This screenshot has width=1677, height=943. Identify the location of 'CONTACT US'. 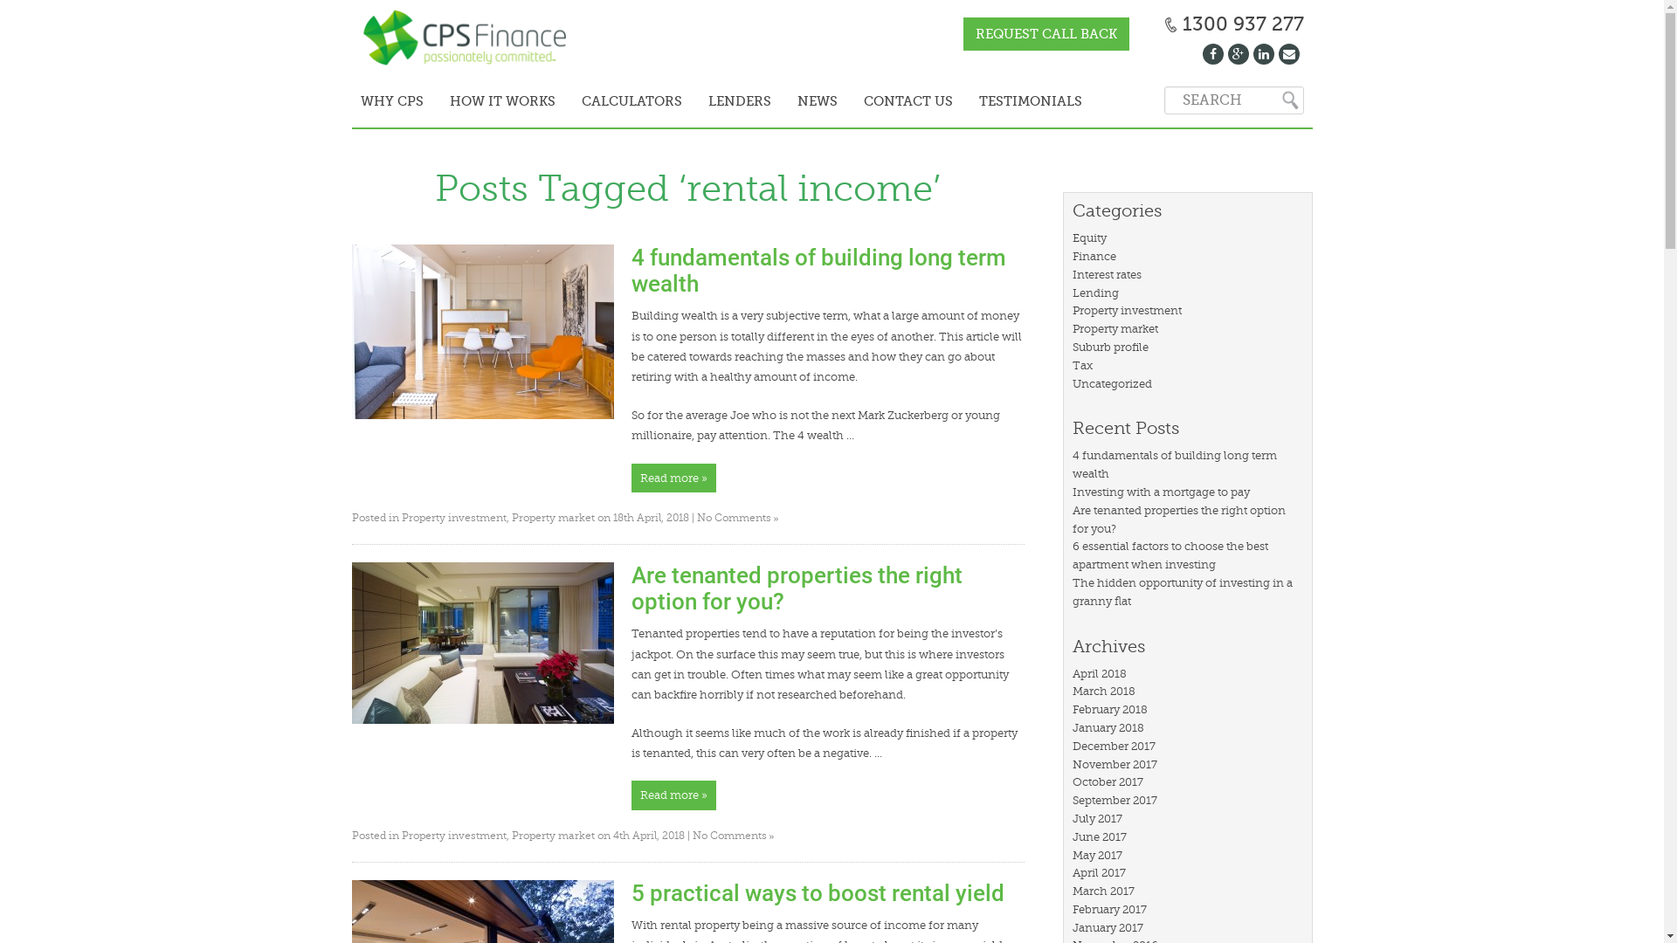
(851, 99).